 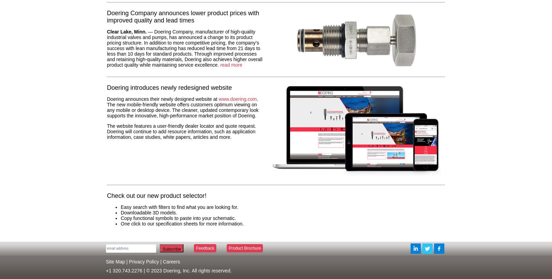 What do you see at coordinates (168, 270) in the screenshot?
I see `'+1 320.743.2276 | © 2023 Doering, Inc. All rights reserved.'` at bounding box center [168, 270].